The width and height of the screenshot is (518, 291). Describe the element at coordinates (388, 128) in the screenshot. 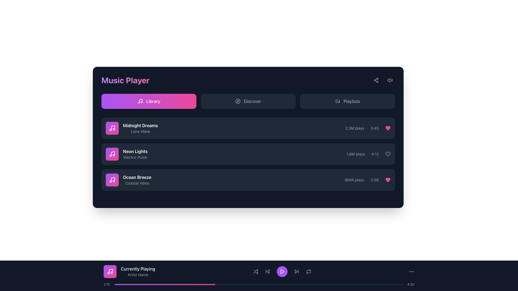

I see `the heart-shaped 'like' icon for the 'Ocean Breeze' track, located in the far-right section of the playlist` at that location.